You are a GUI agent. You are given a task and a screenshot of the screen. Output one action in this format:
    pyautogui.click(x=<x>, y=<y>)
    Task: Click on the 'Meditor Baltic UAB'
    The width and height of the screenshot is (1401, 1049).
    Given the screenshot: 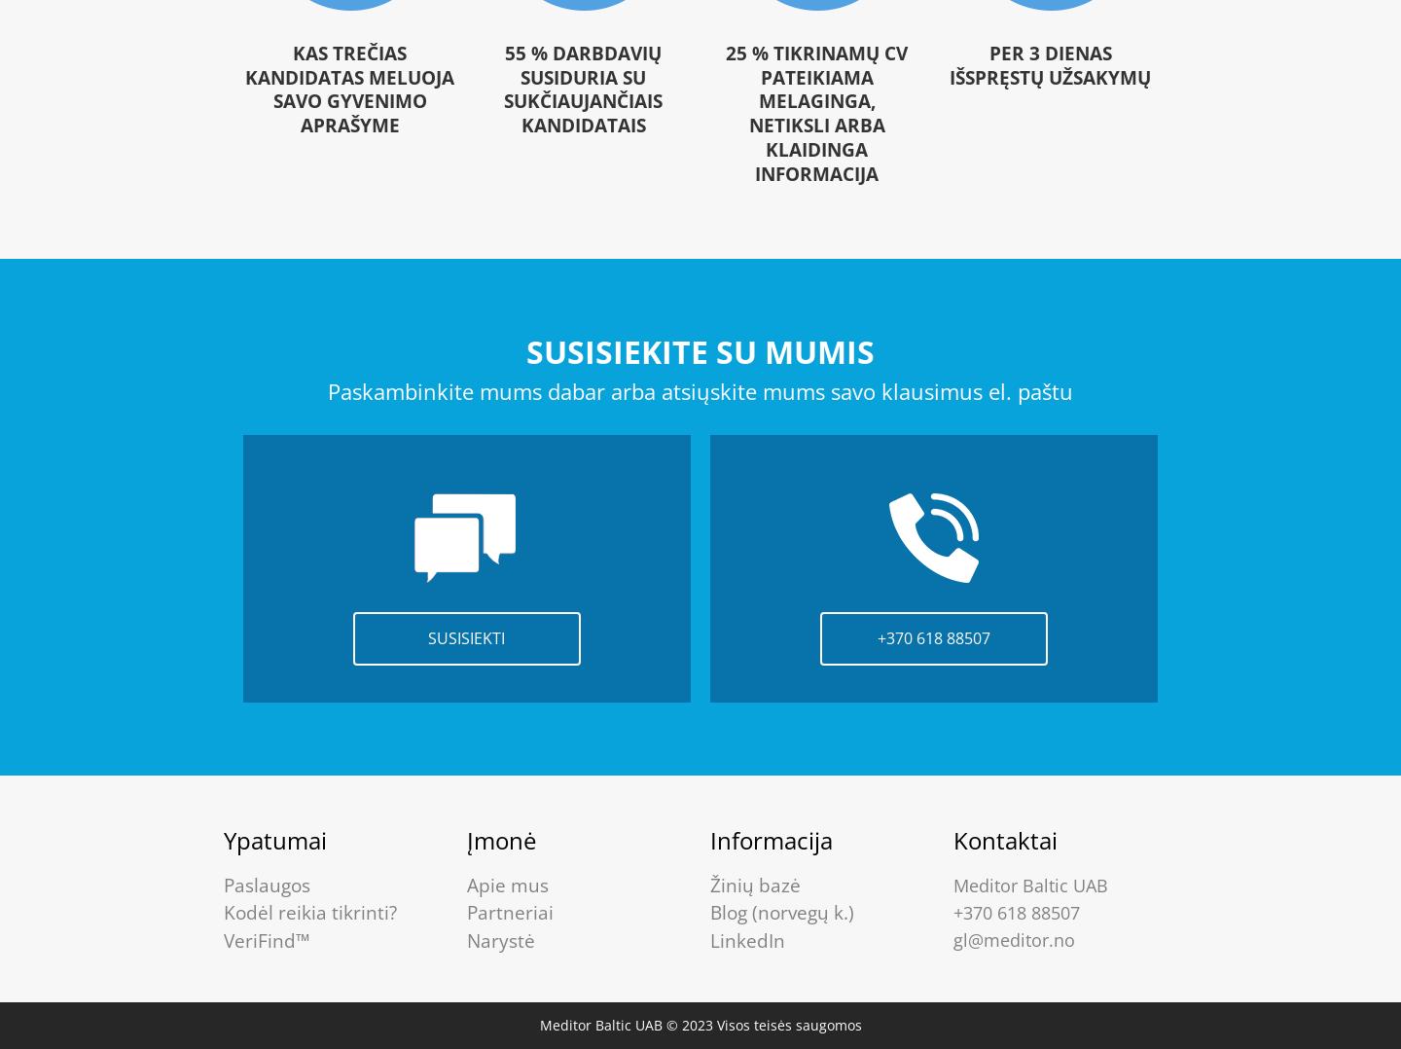 What is the action you would take?
    pyautogui.click(x=952, y=884)
    